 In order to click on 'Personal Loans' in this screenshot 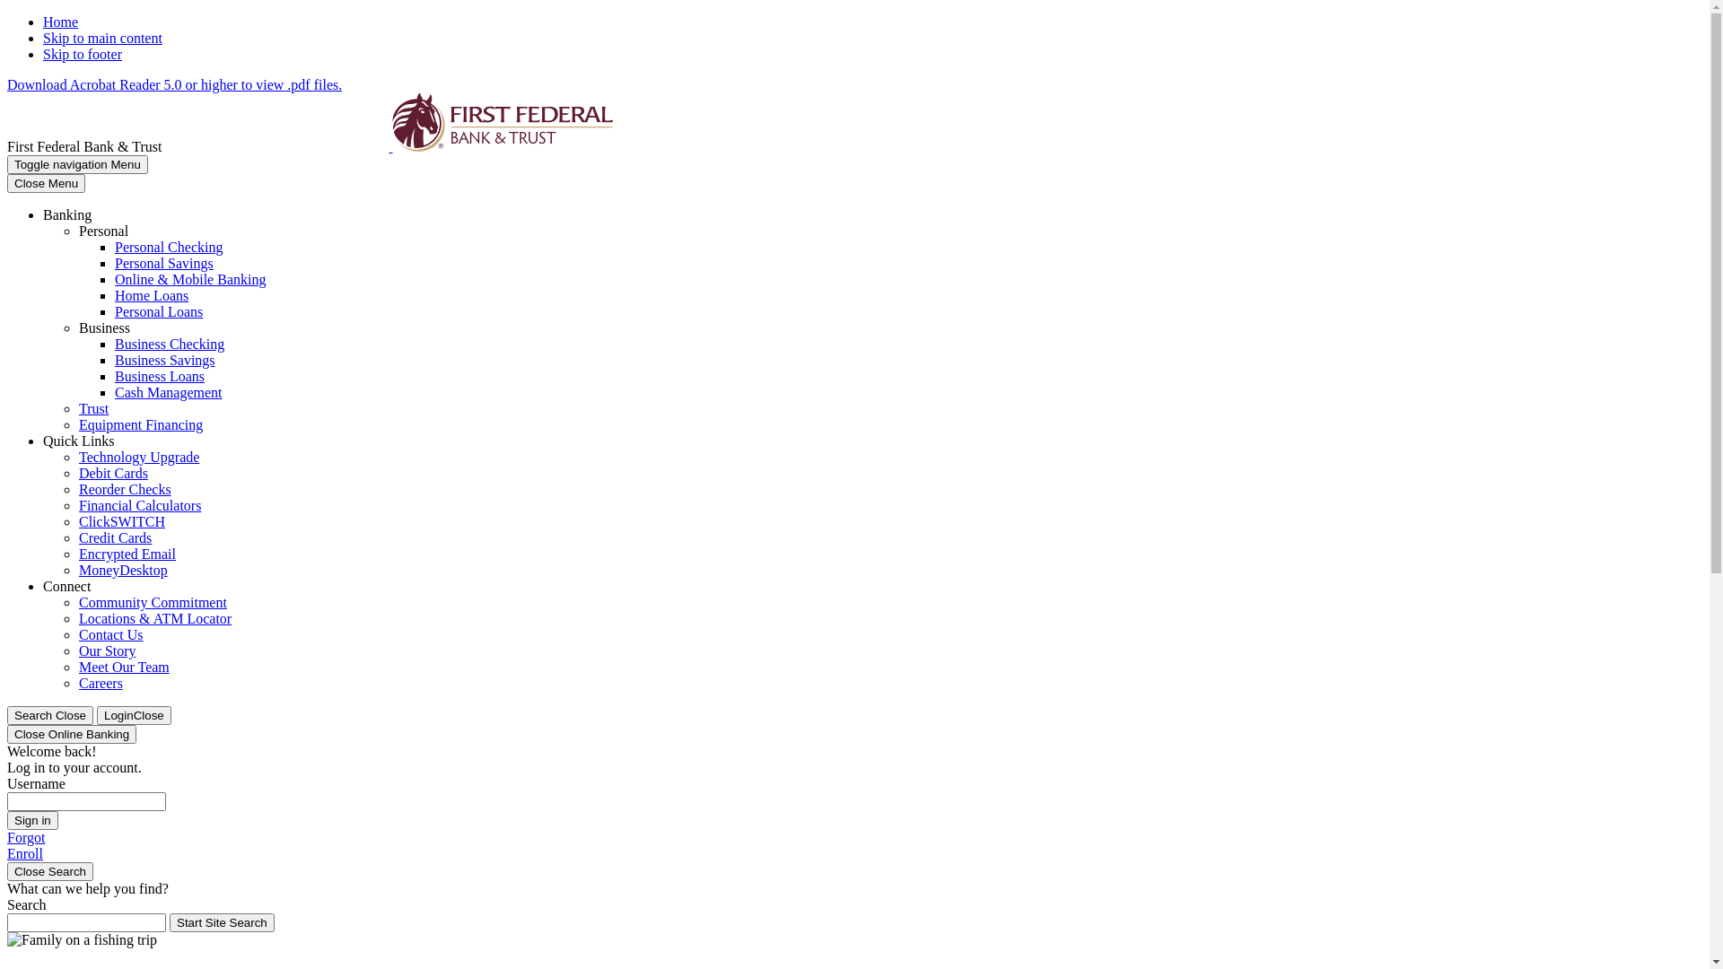, I will do `click(159, 310)`.